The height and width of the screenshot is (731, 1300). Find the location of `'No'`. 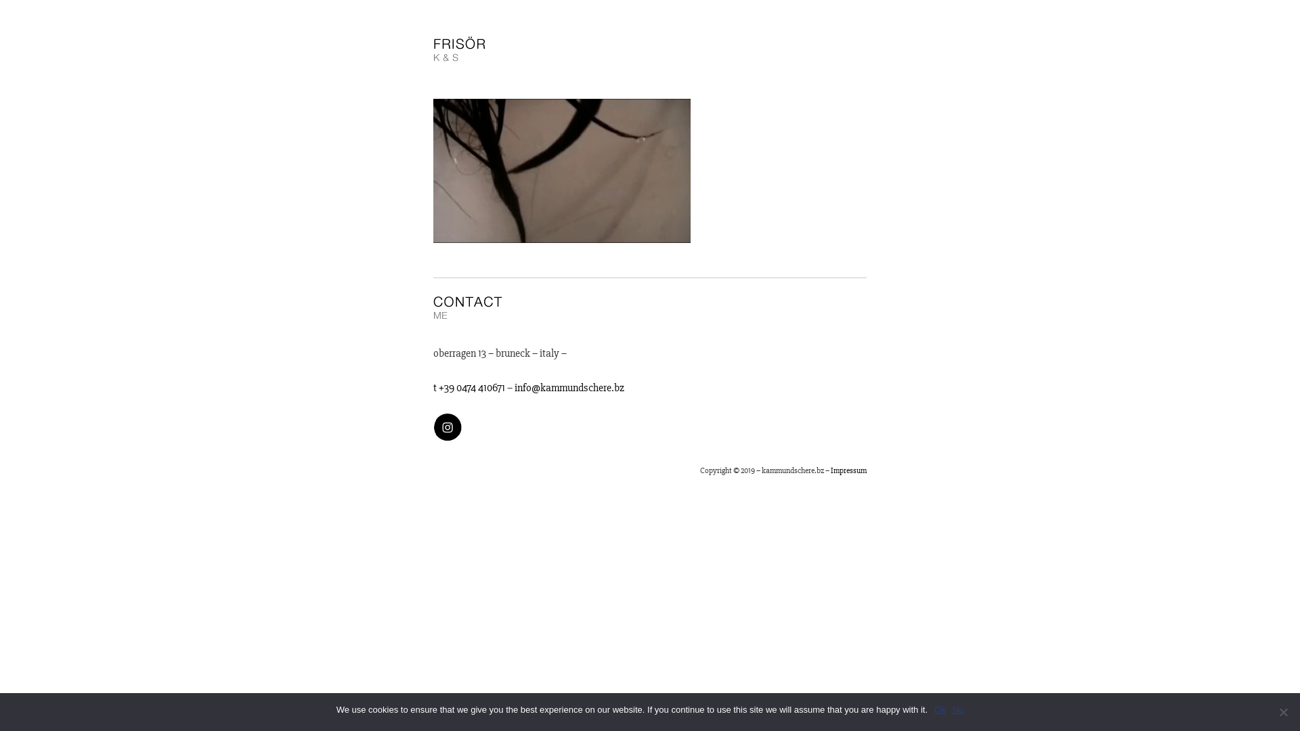

'No' is located at coordinates (957, 709).